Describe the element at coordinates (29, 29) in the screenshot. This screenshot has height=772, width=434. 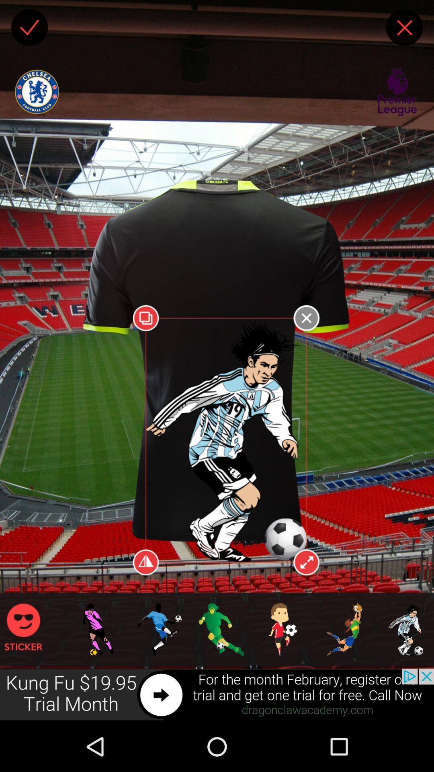
I see `the check icon` at that location.